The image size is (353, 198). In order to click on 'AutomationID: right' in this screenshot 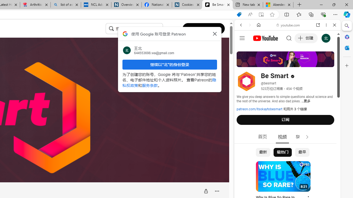, I will do `click(307, 137)`.